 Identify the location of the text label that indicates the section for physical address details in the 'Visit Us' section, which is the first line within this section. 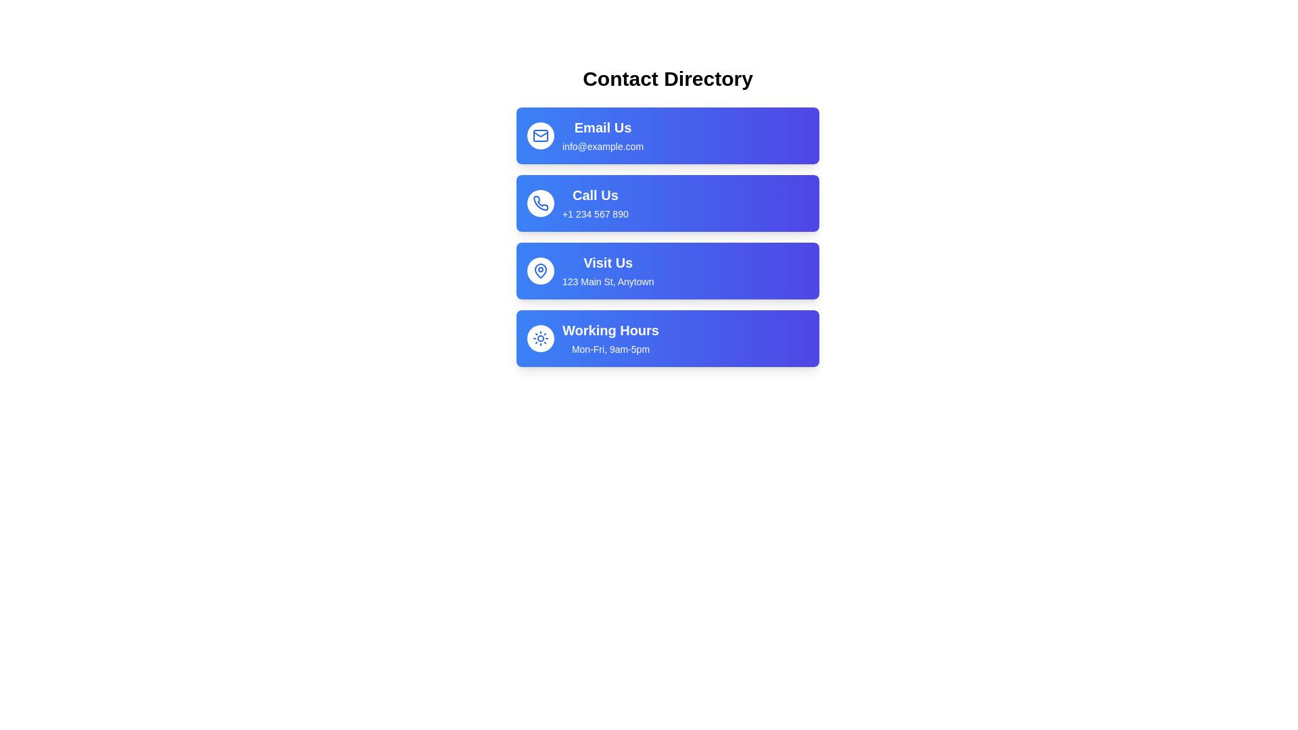
(607, 263).